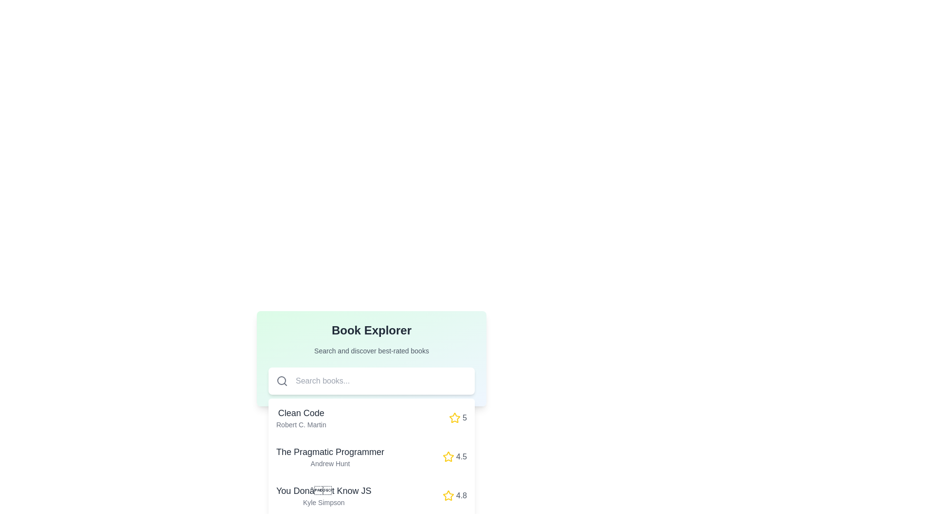 The width and height of the screenshot is (934, 525). Describe the element at coordinates (448, 457) in the screenshot. I see `the star icon that indicates a rating of '4.5' for 'The Pragmatic Programmer'` at that location.